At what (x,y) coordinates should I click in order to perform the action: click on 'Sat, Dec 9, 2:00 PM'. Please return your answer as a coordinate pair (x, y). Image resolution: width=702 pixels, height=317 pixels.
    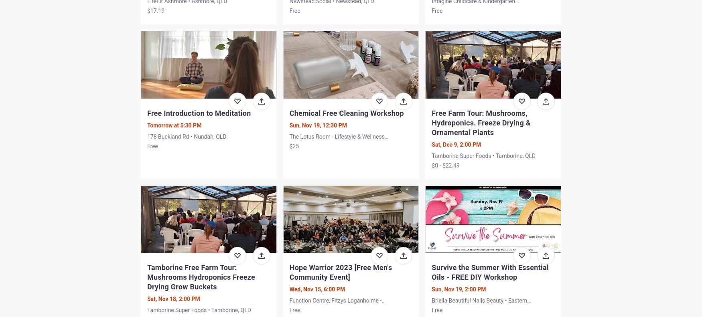
    Looking at the image, I should click on (432, 143).